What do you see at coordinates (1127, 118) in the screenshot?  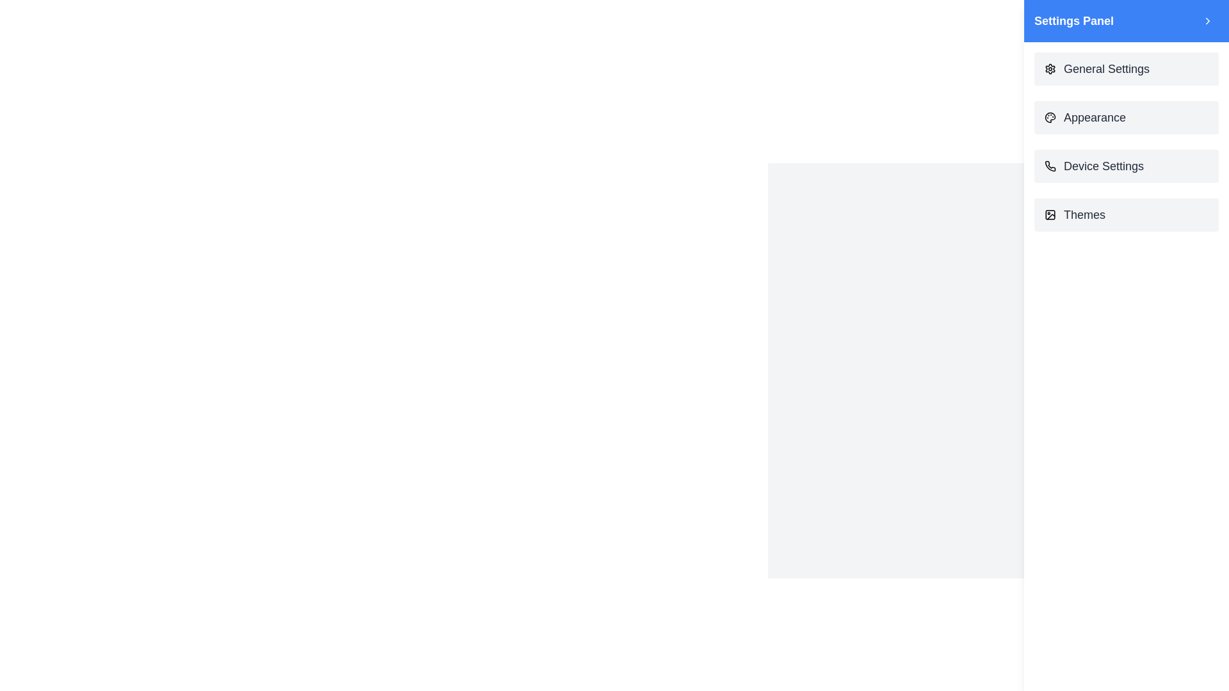 I see `the second item in the vertical list on the right-hand side of the interface` at bounding box center [1127, 118].